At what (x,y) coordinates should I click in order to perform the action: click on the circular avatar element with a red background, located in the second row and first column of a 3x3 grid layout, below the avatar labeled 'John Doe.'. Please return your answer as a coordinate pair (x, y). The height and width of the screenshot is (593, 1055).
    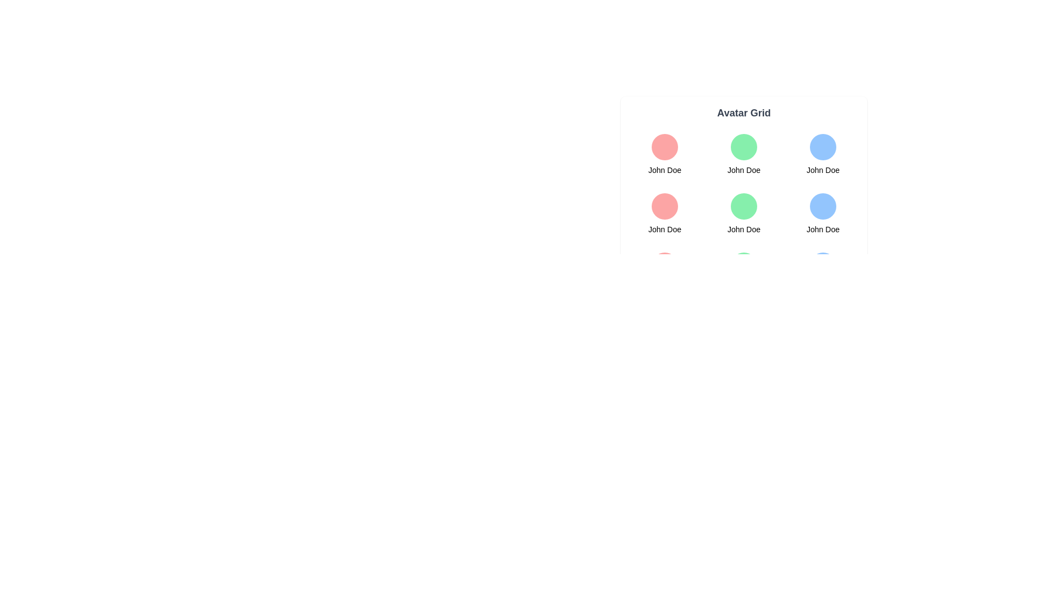
    Looking at the image, I should click on (664, 206).